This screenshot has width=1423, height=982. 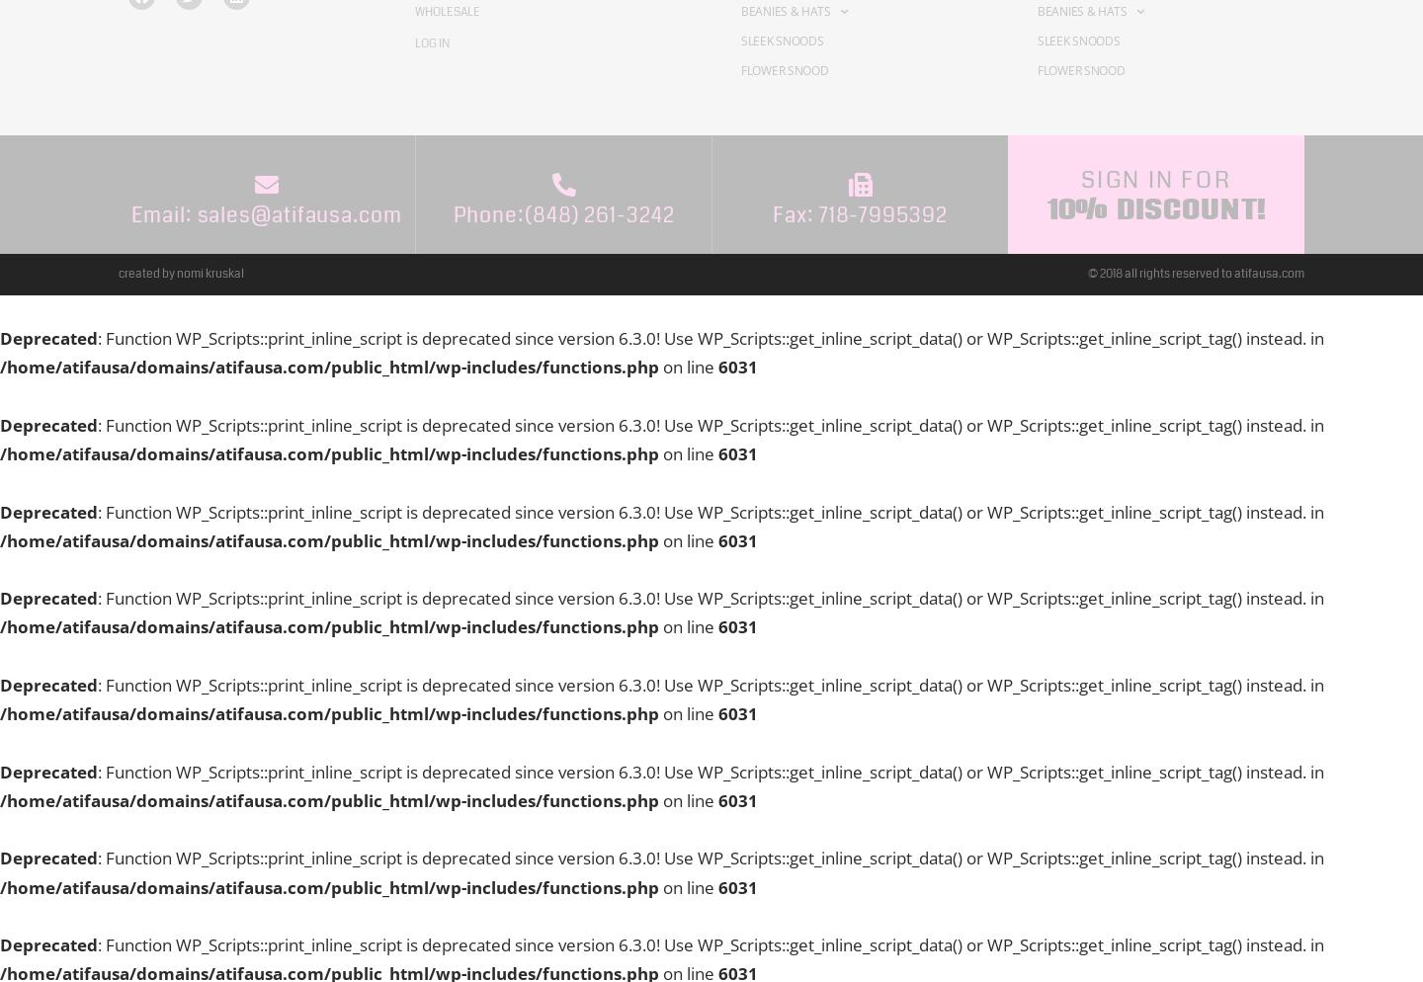 I want to click on 'Phone:(848) 261-3242', so click(x=562, y=213).